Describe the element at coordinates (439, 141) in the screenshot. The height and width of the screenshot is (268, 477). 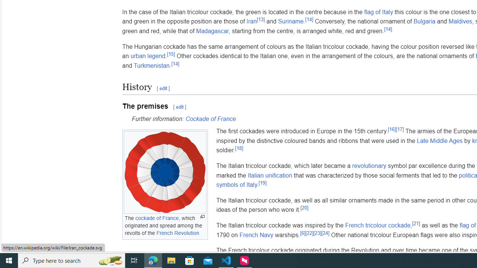
I see `'Late Middle Ages'` at that location.